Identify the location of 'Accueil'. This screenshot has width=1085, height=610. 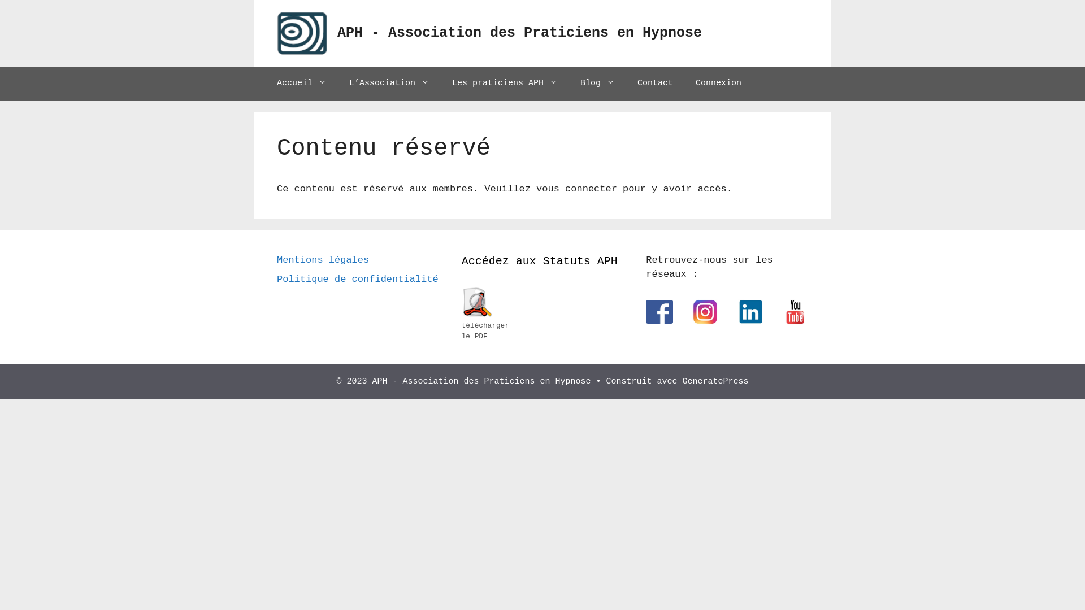
(301, 82).